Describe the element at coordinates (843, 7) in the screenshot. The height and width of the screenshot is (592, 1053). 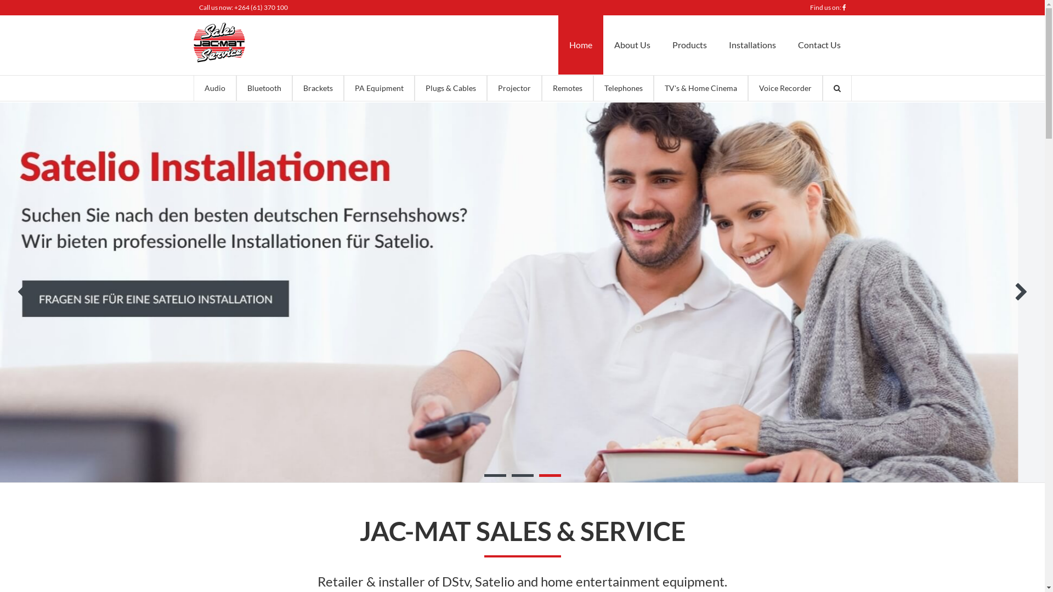
I see `'Like us on Facebook'` at that location.